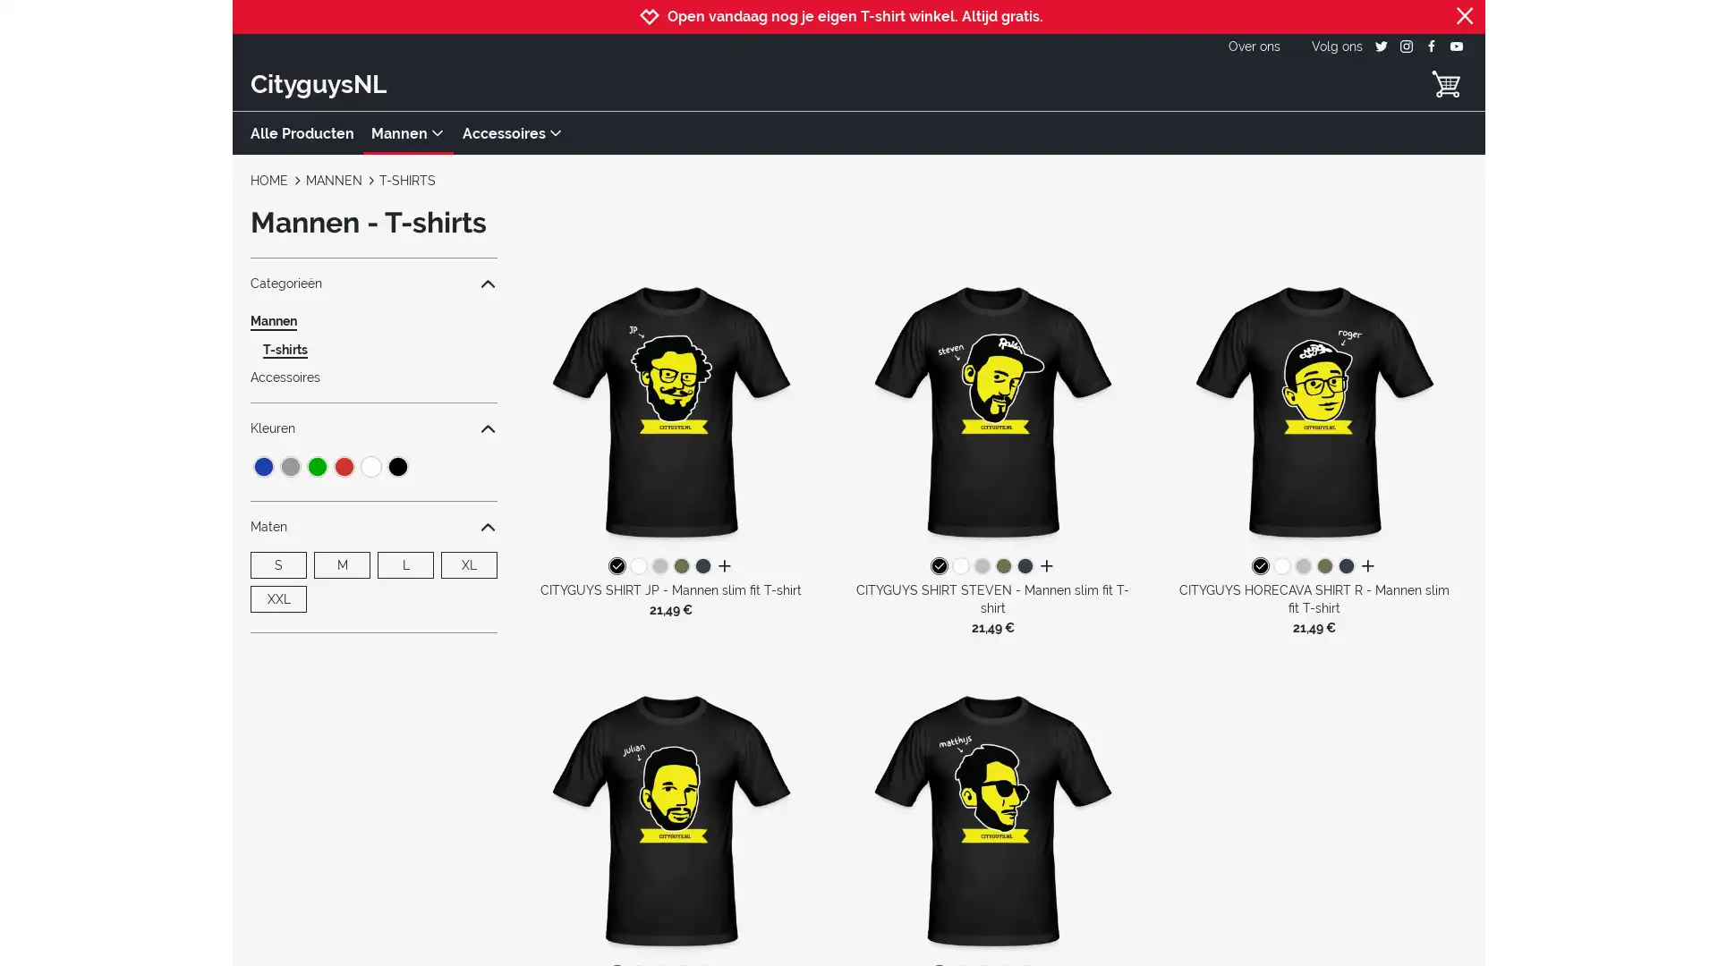  Describe the element at coordinates (1281, 566) in the screenshot. I see `wit` at that location.